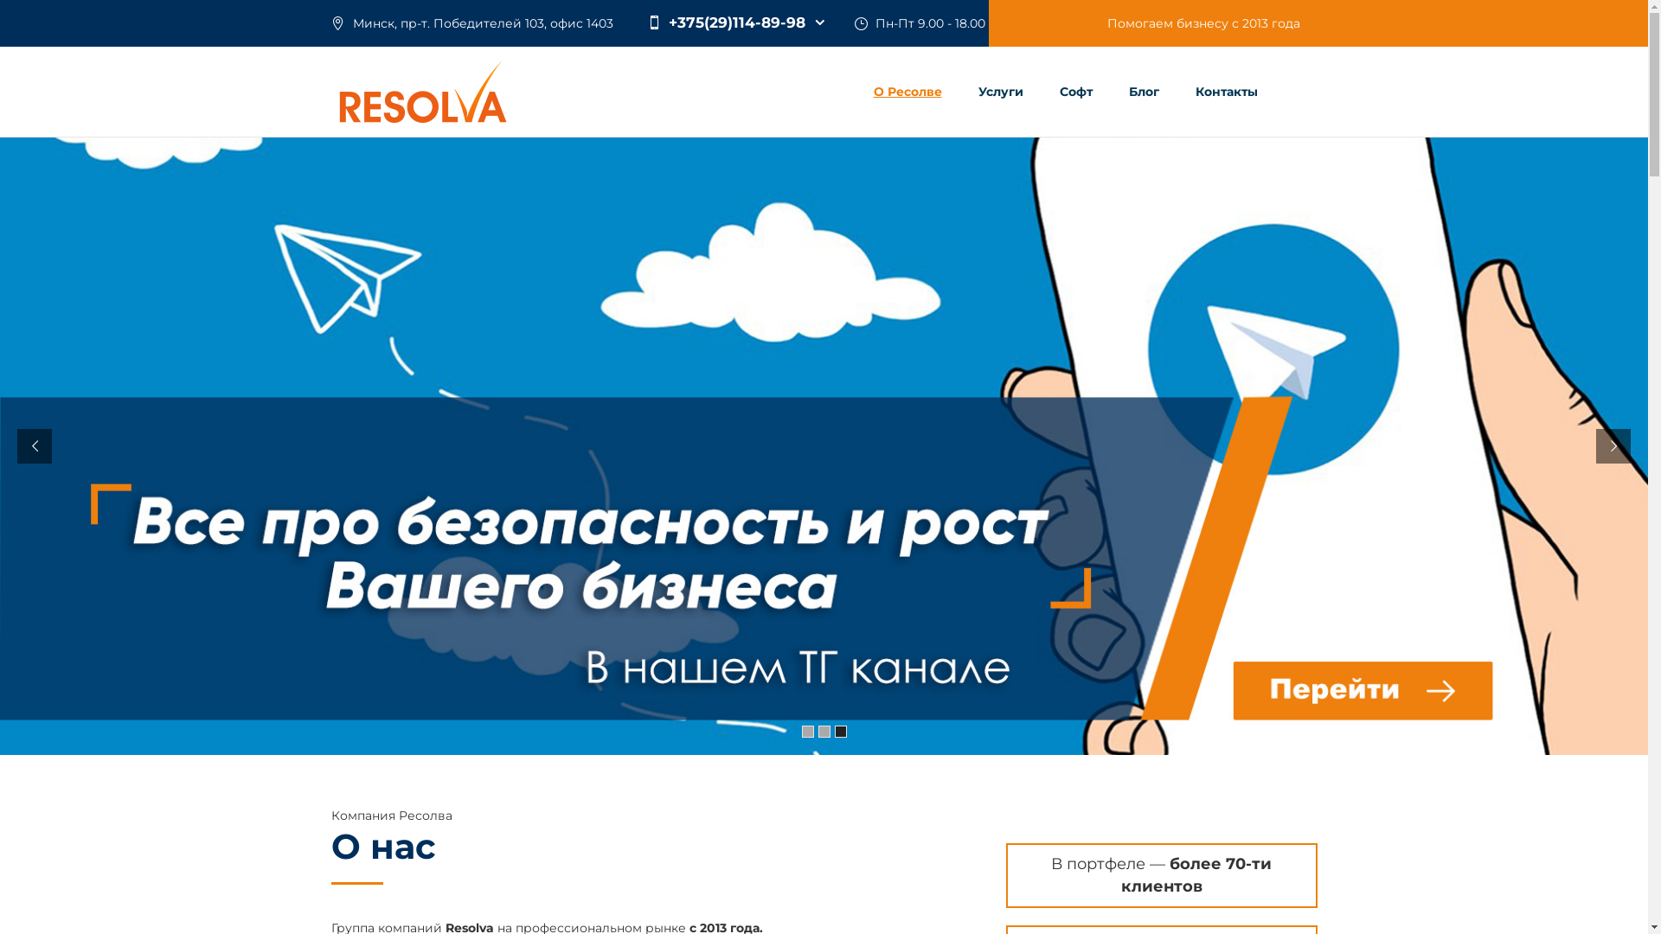 Image resolution: width=1661 pixels, height=934 pixels. Describe the element at coordinates (734, 22) in the screenshot. I see `'+375(29)114-89-98'` at that location.